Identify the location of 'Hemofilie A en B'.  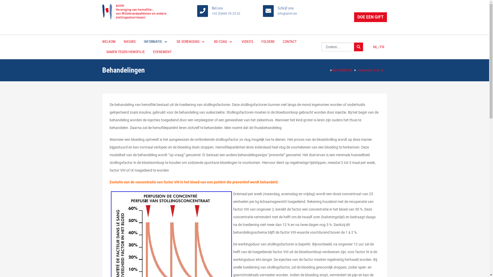
(370, 70).